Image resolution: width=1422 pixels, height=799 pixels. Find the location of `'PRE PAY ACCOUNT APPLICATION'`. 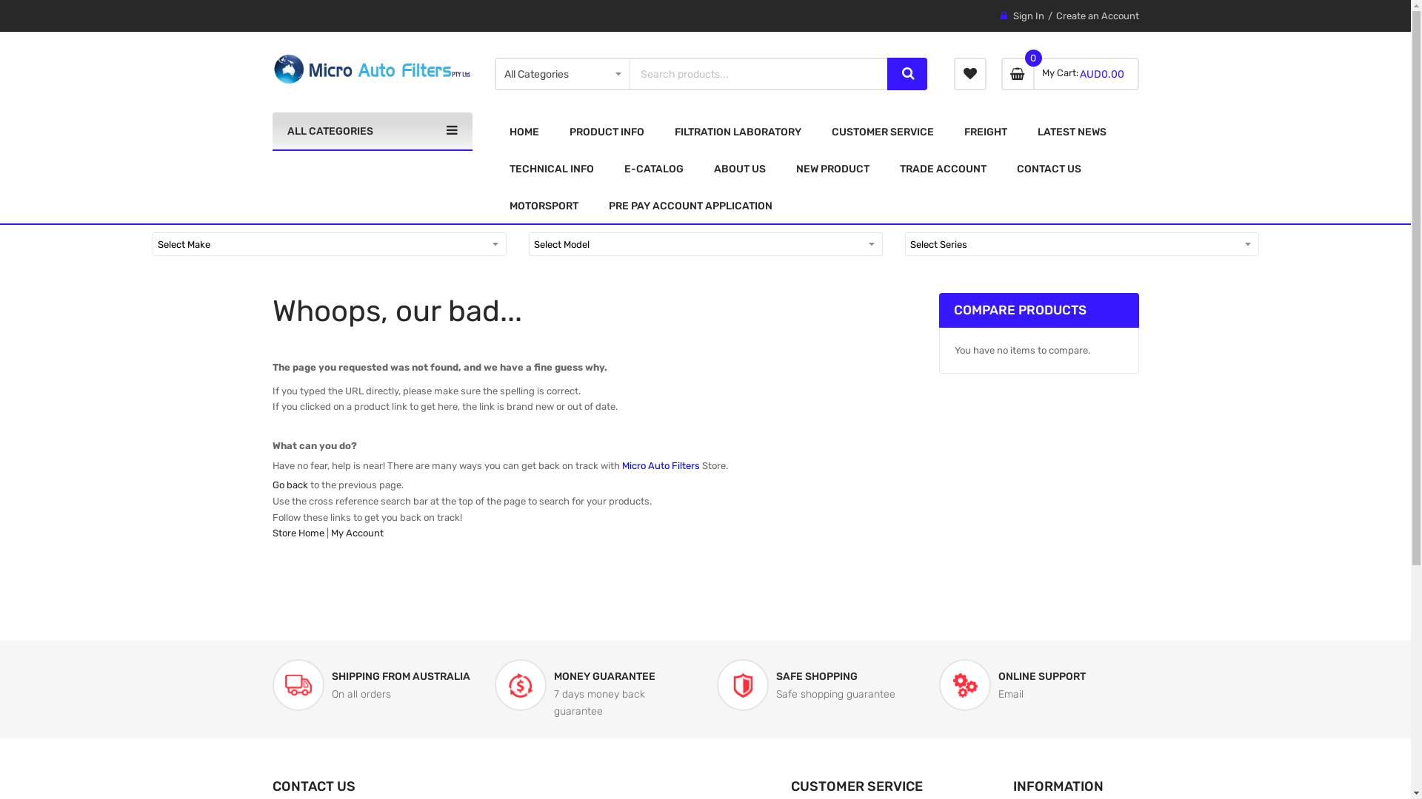

'PRE PAY ACCOUNT APPLICATION' is located at coordinates (690, 205).